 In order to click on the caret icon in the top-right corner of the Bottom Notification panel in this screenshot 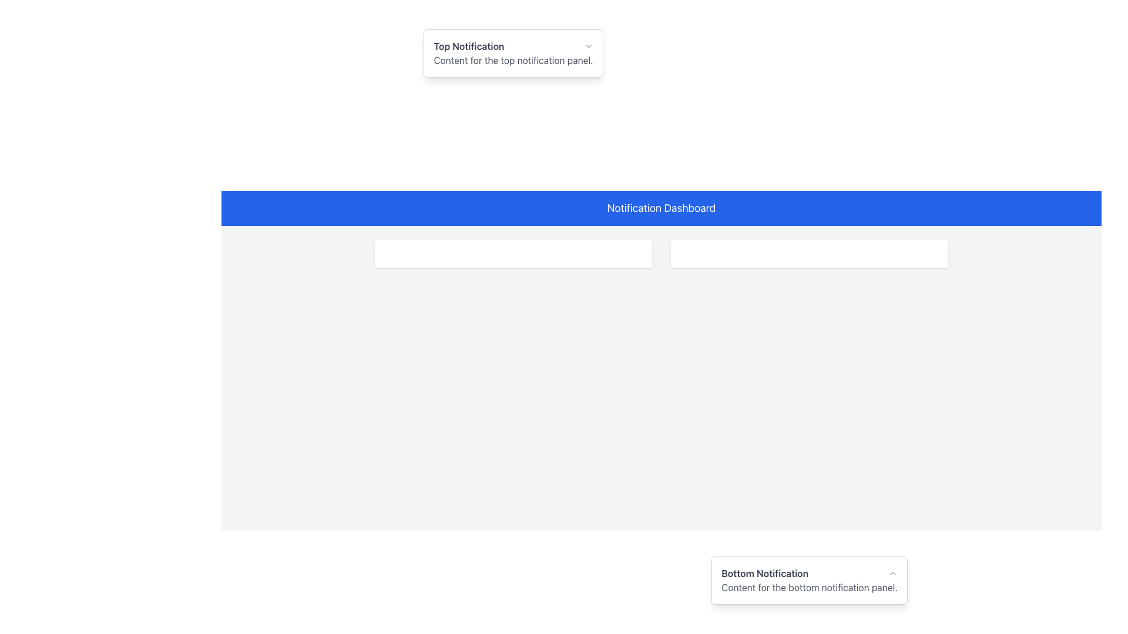, I will do `click(808, 579)`.